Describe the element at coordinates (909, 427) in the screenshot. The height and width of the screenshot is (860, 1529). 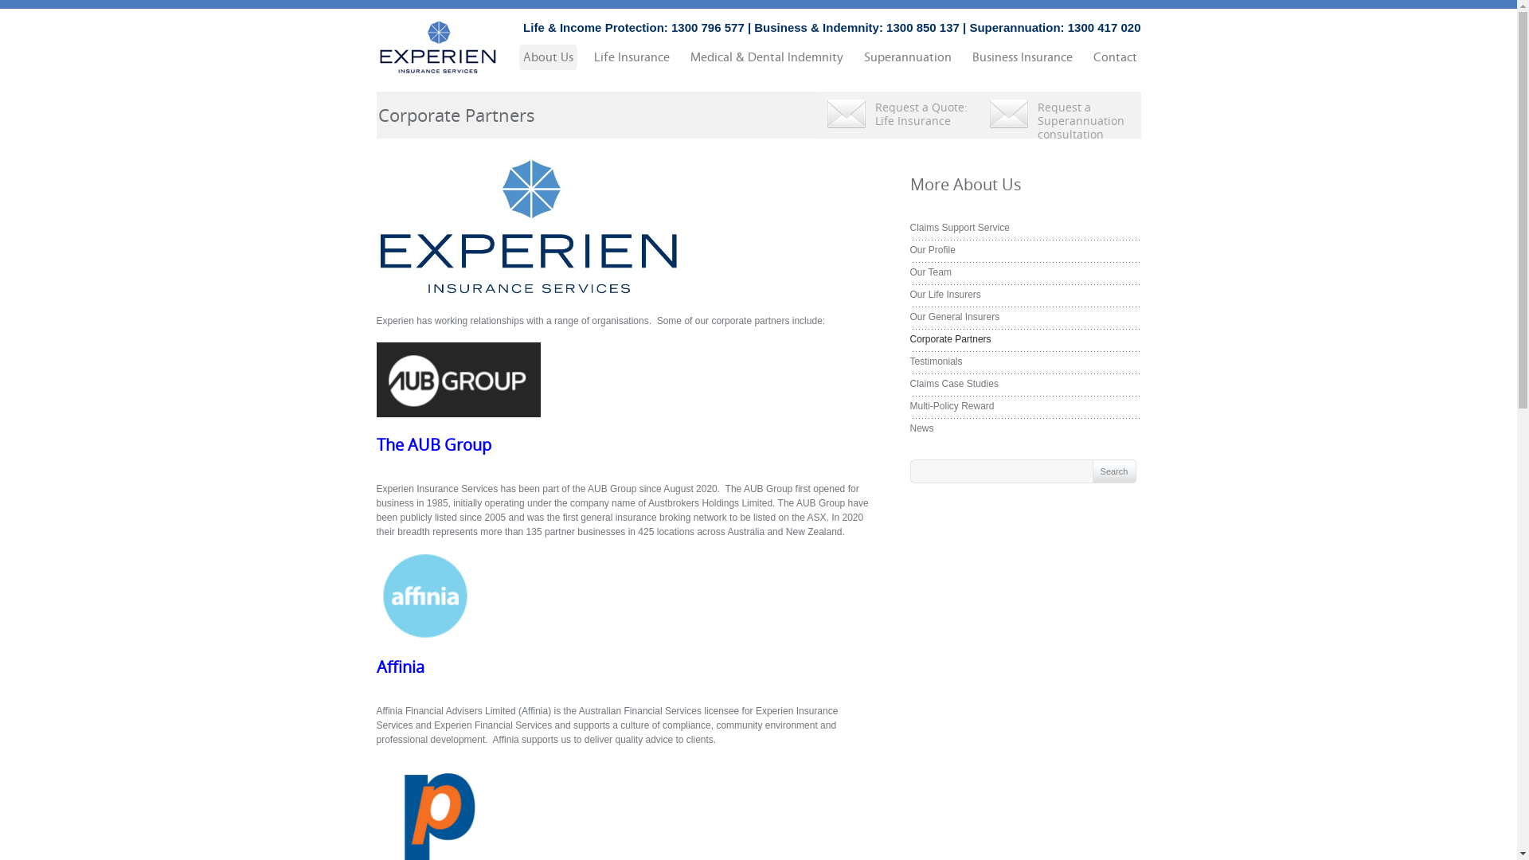
I see `'News'` at that location.